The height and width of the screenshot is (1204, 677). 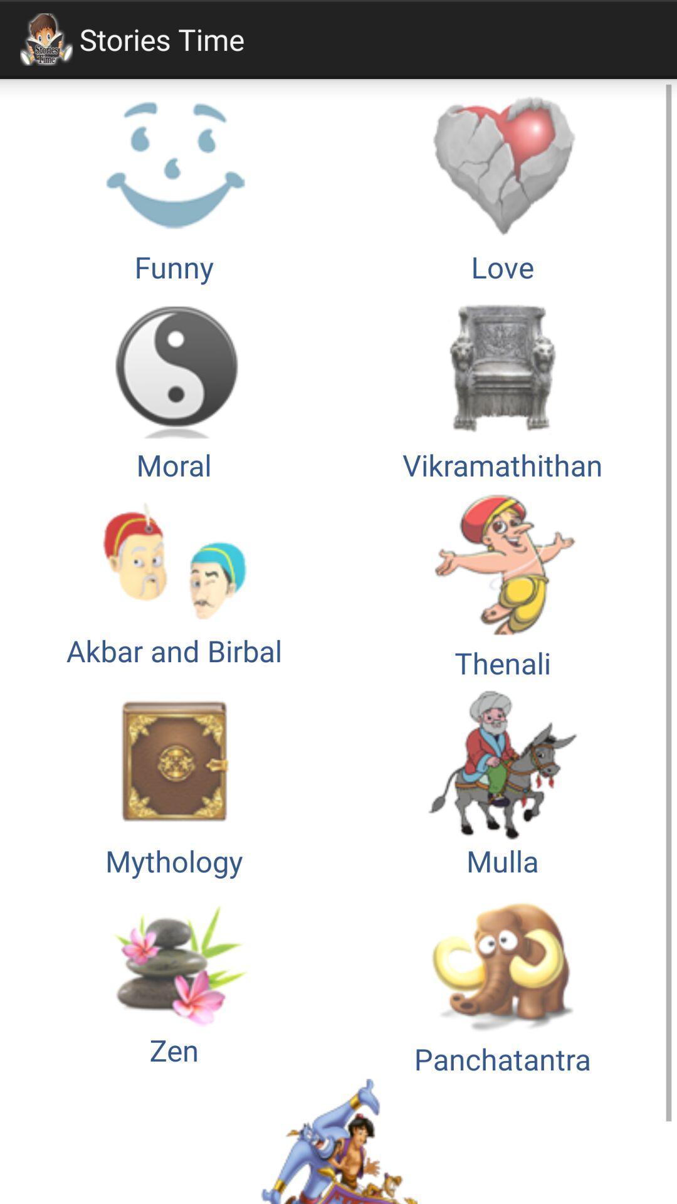 What do you see at coordinates (174, 979) in the screenshot?
I see `the icon above the tales` at bounding box center [174, 979].